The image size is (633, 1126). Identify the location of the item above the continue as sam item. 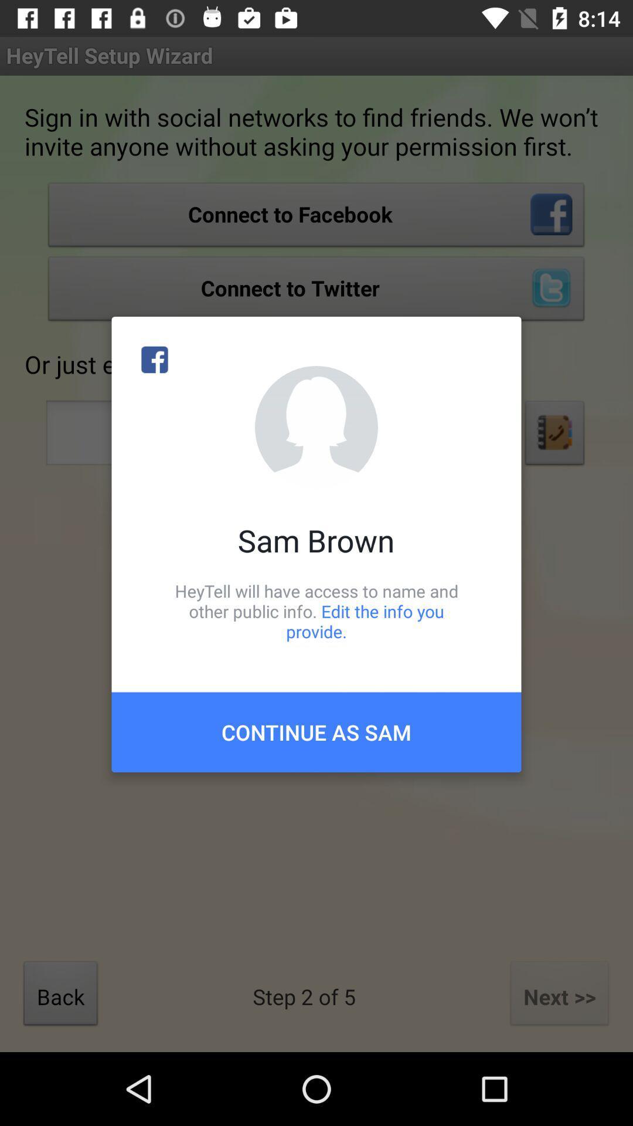
(316, 611).